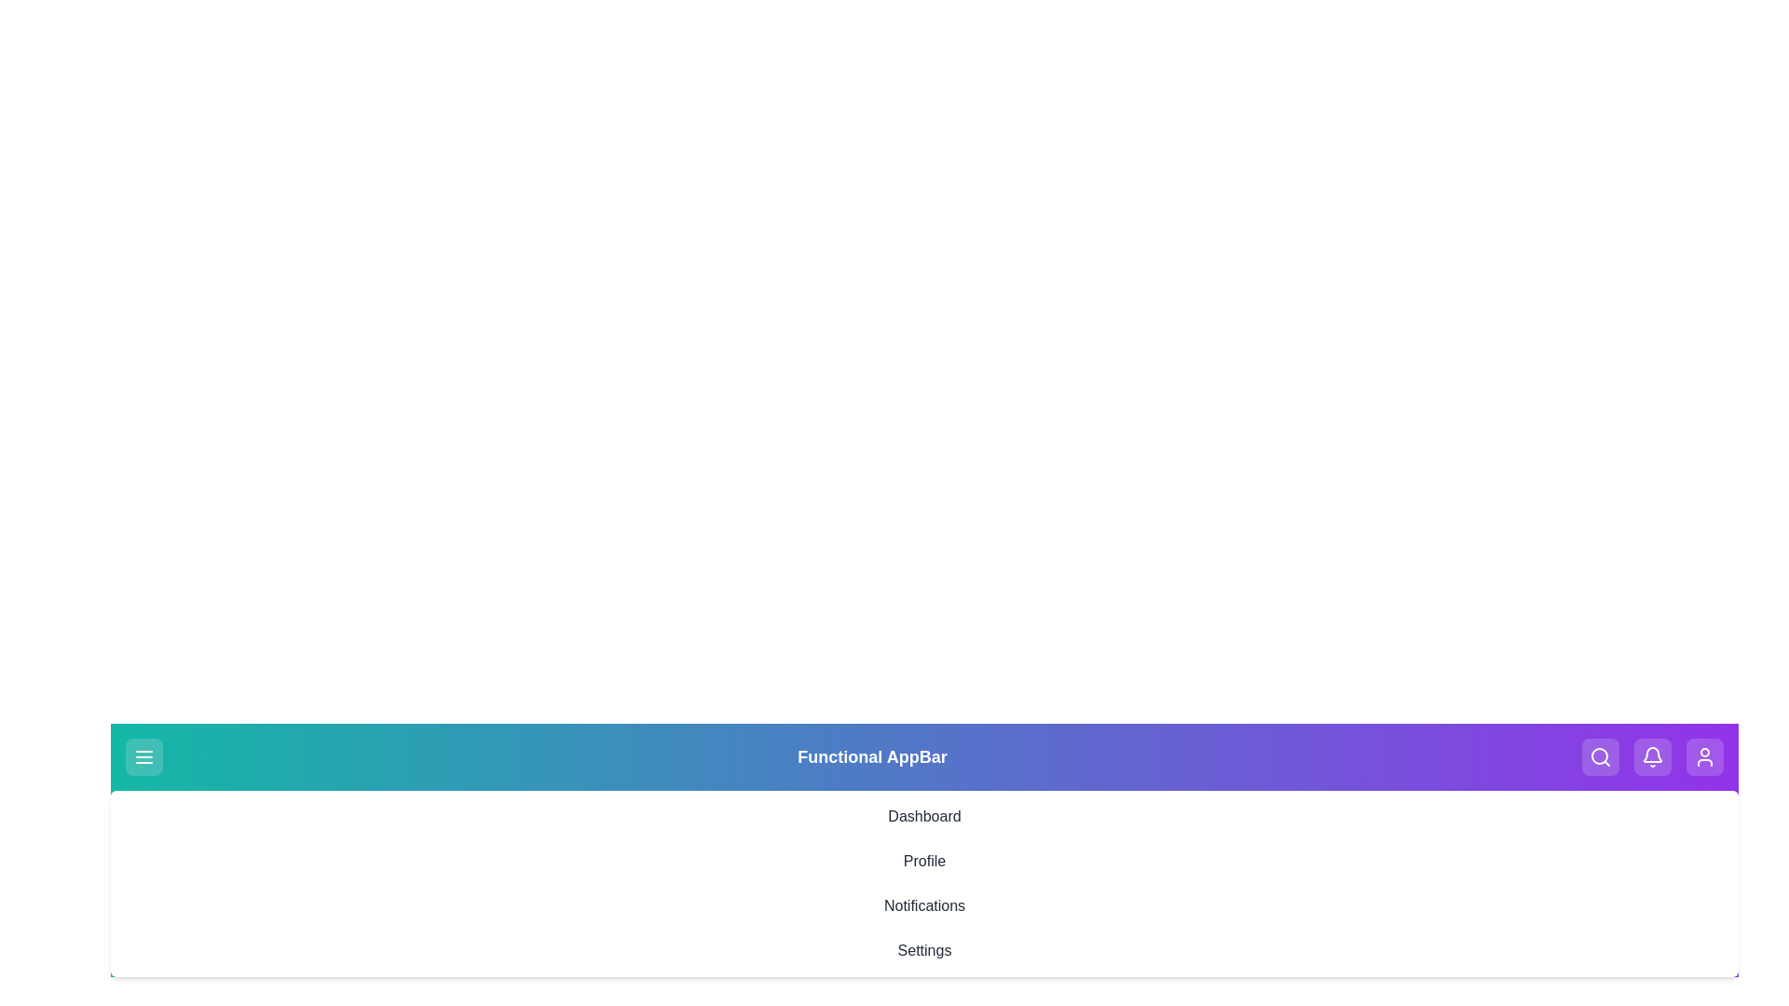  What do you see at coordinates (924, 904) in the screenshot?
I see `the navigation option Notifications` at bounding box center [924, 904].